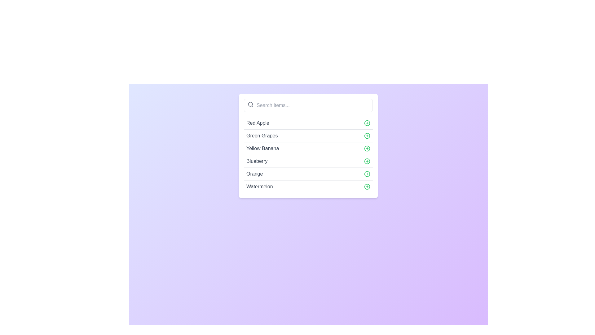 The width and height of the screenshot is (595, 335). What do you see at coordinates (367, 186) in the screenshot?
I see `the circular icon button with a plus symbol located to the right of the 'Watermelon' list item` at bounding box center [367, 186].